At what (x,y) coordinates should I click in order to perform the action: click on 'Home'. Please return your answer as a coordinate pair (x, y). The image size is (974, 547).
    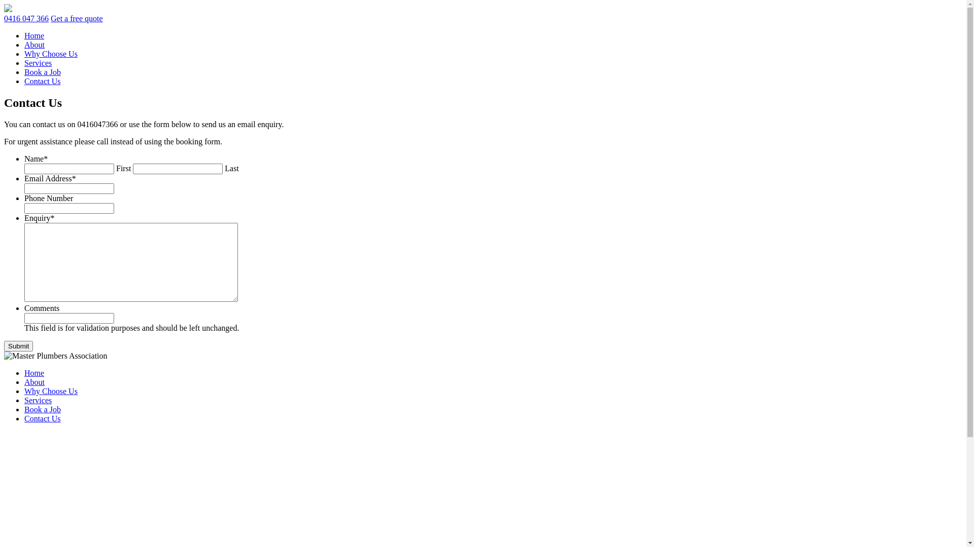
    Looking at the image, I should click on (24, 373).